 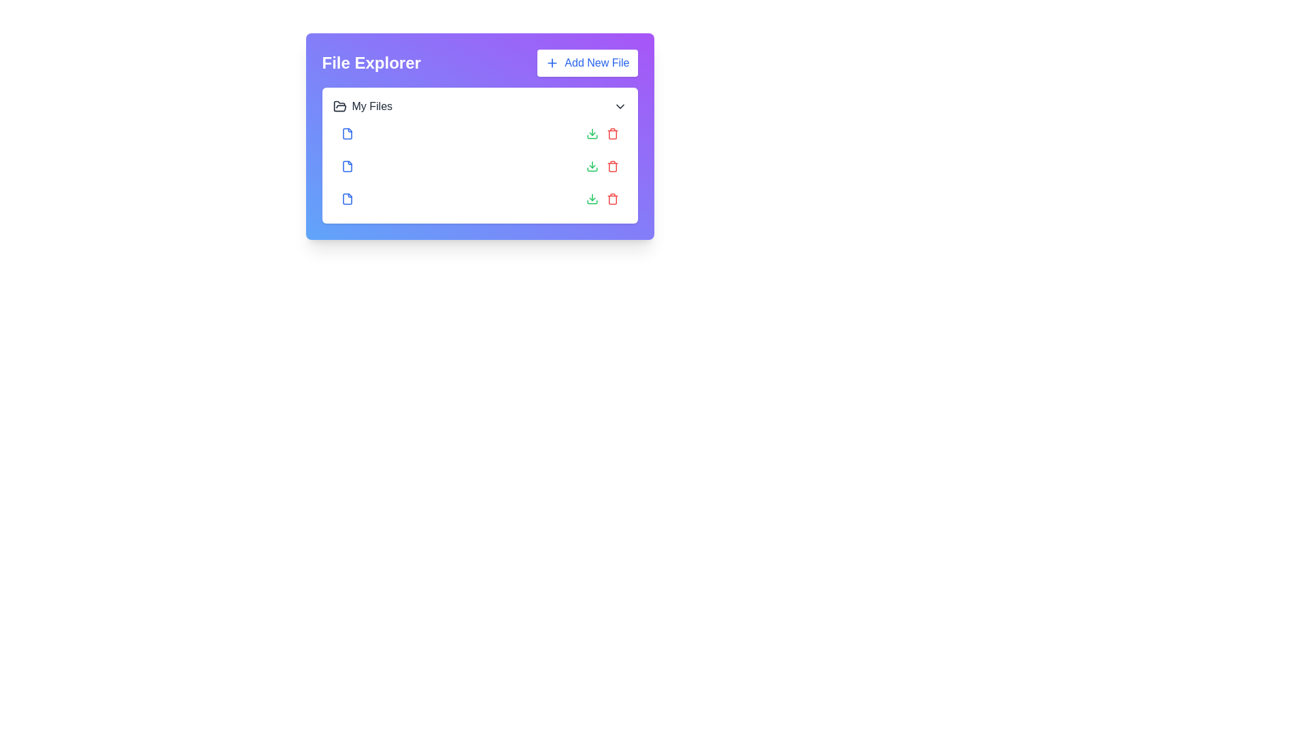 What do you see at coordinates (339, 105) in the screenshot?
I see `the open folder SVG icon located to the left of the 'My Files' text in the 'File Explorer' section` at bounding box center [339, 105].